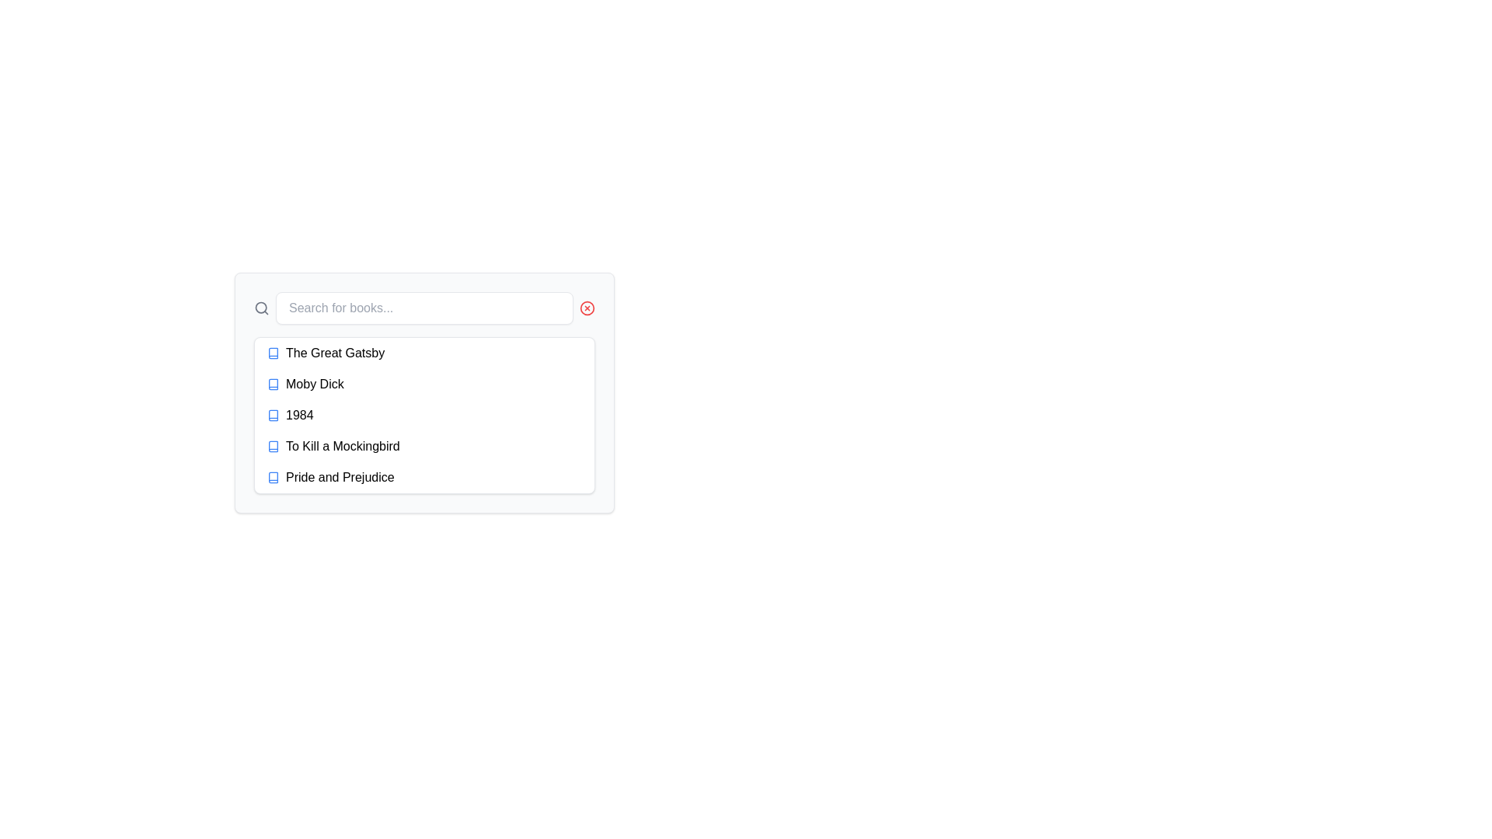 Image resolution: width=1492 pixels, height=839 pixels. What do you see at coordinates (424, 384) in the screenshot?
I see `the list item labeled 'Moby Dick'` at bounding box center [424, 384].